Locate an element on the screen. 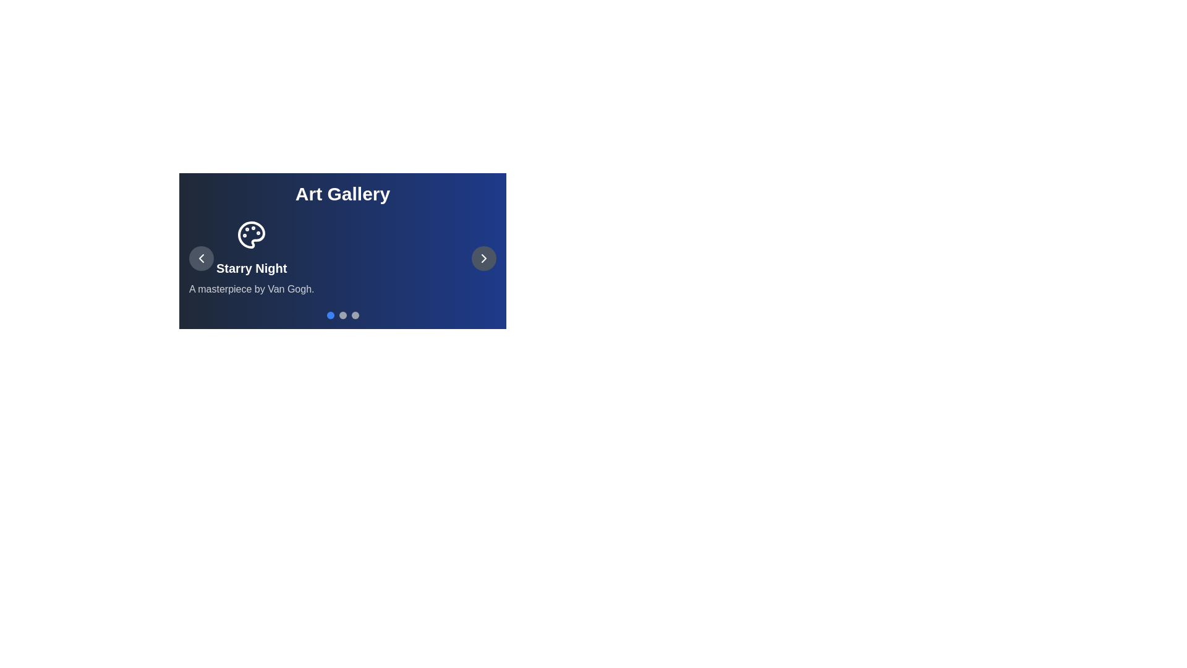  the indicator dot corresponding to 0 is located at coordinates (330, 314).